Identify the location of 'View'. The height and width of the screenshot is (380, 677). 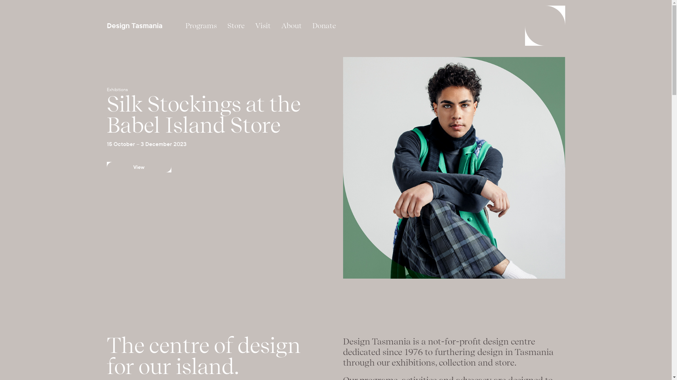
(139, 167).